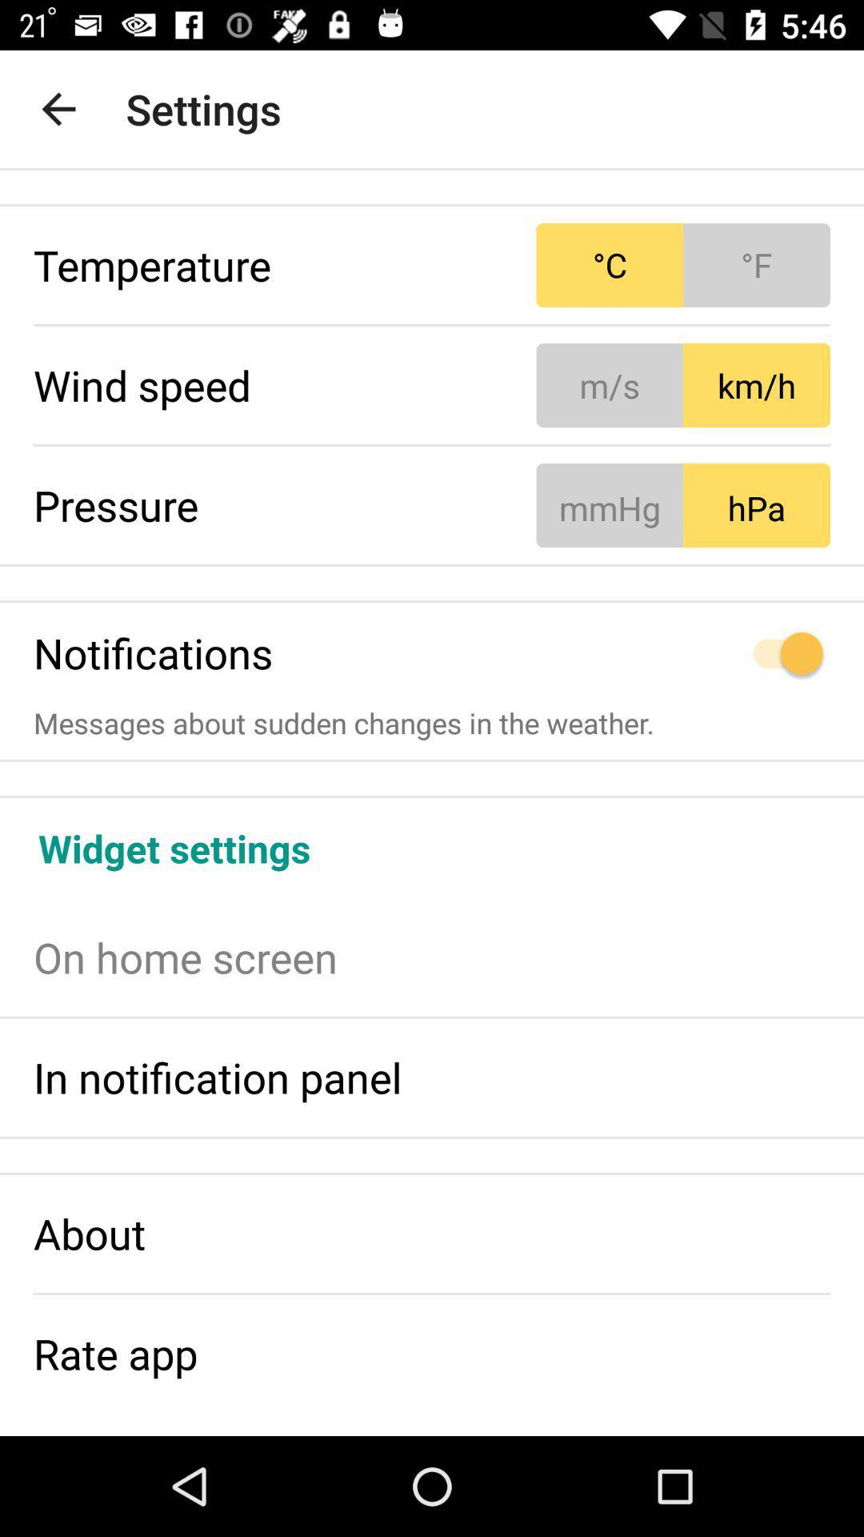  Describe the element at coordinates (683, 653) in the screenshot. I see `the item on the right` at that location.